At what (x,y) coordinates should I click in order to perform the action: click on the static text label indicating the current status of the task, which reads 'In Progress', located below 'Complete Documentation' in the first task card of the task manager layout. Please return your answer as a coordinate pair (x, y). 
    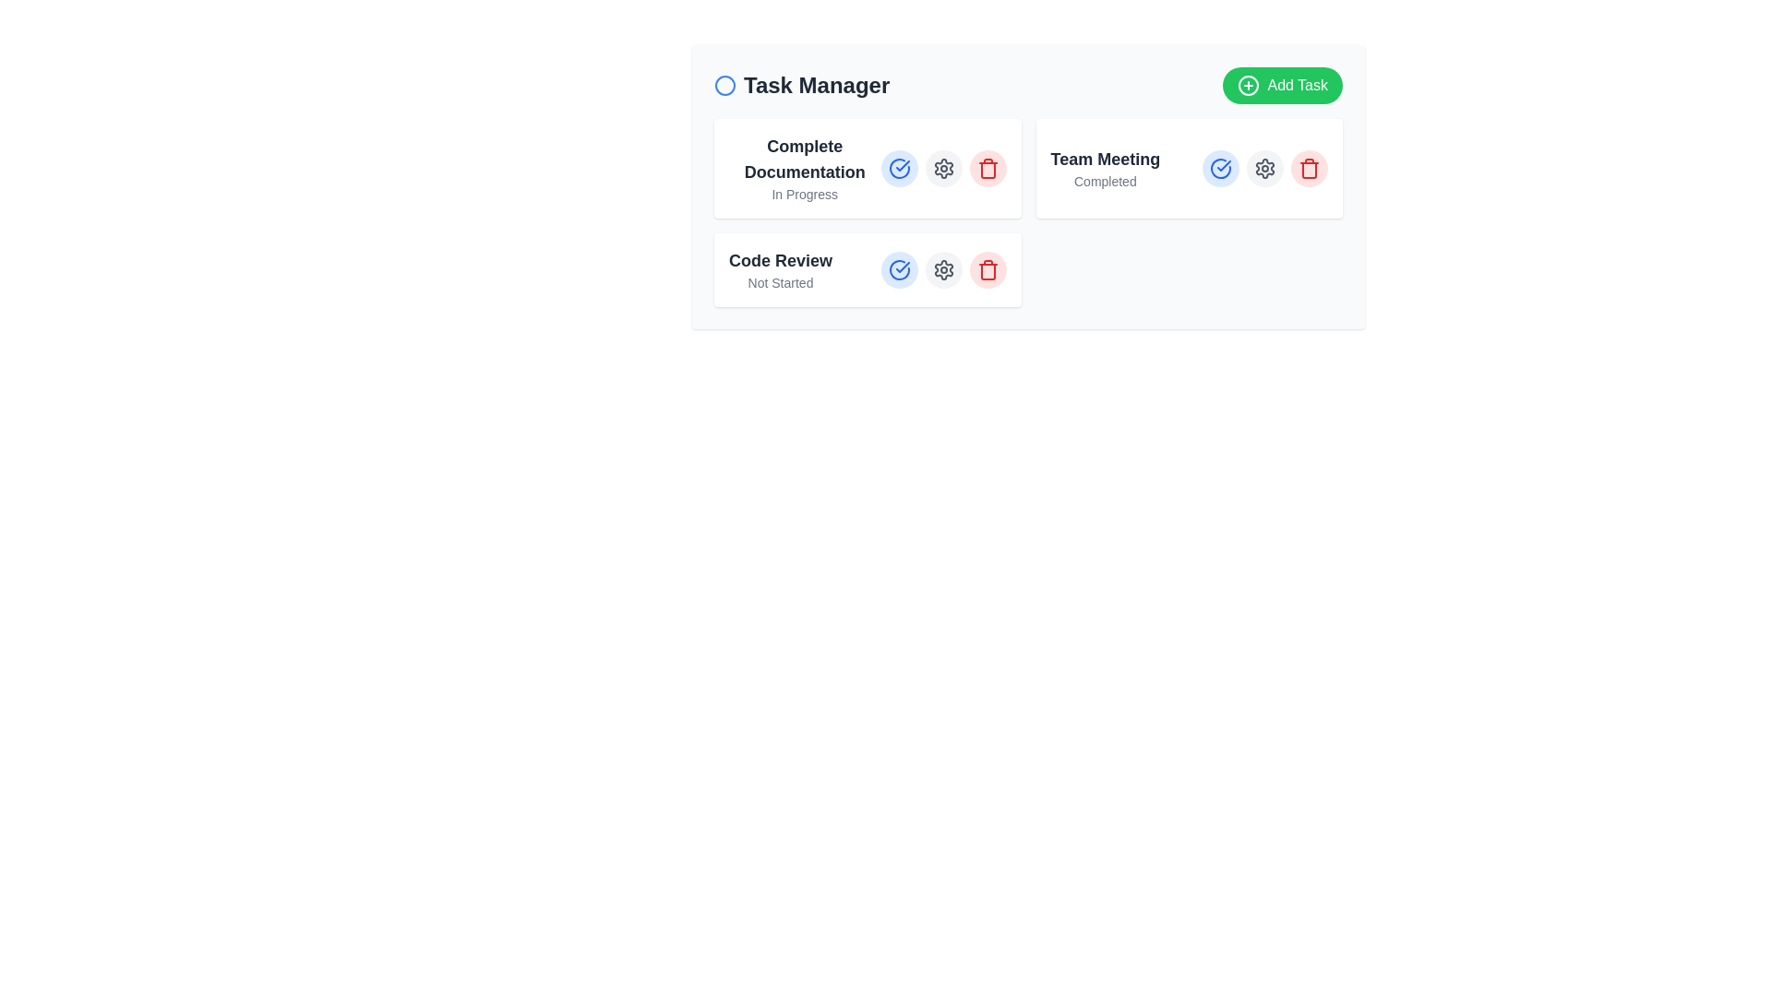
    Looking at the image, I should click on (805, 195).